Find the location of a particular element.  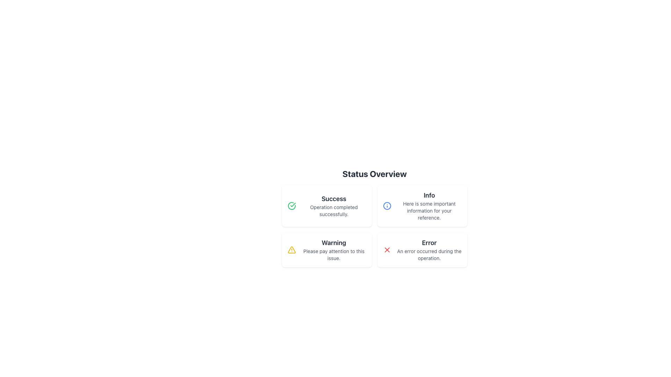

the text label displaying 'Info' in bold, dark gray color, located at the top of the second section of the grid arrangement is located at coordinates (429, 195).